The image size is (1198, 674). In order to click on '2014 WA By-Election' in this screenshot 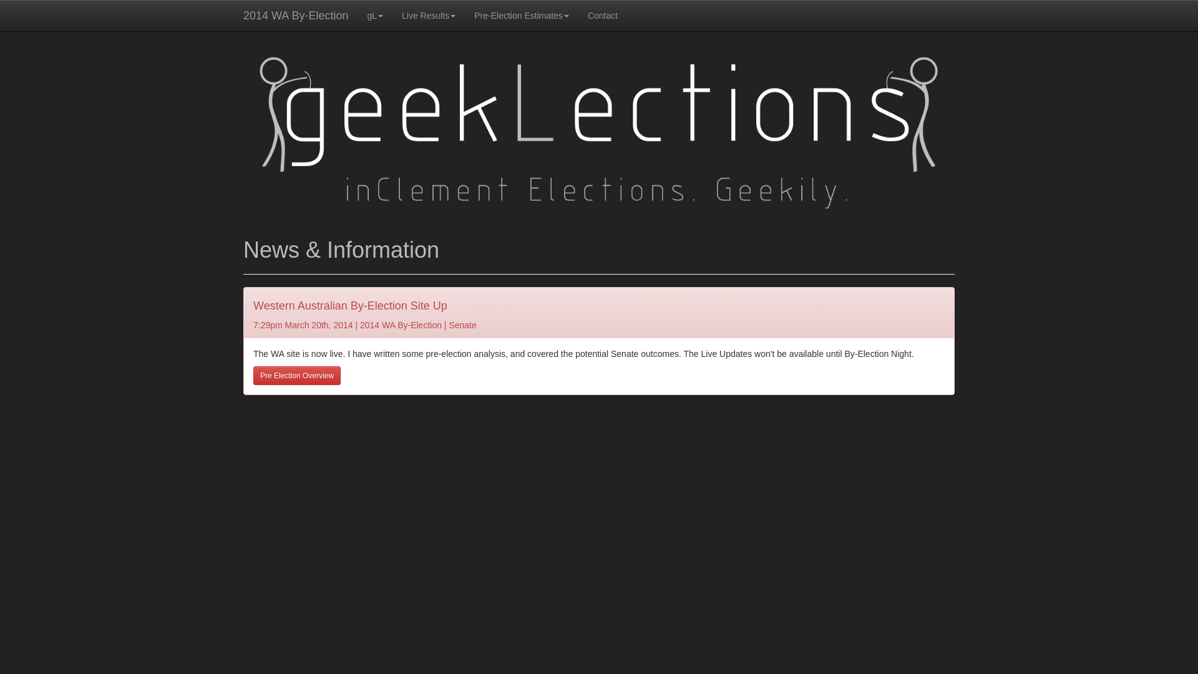, I will do `click(295, 15)`.